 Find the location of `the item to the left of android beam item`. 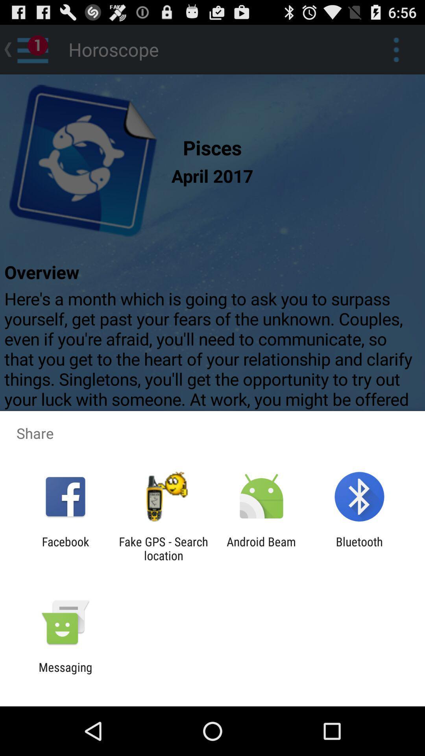

the item to the left of android beam item is located at coordinates (163, 548).